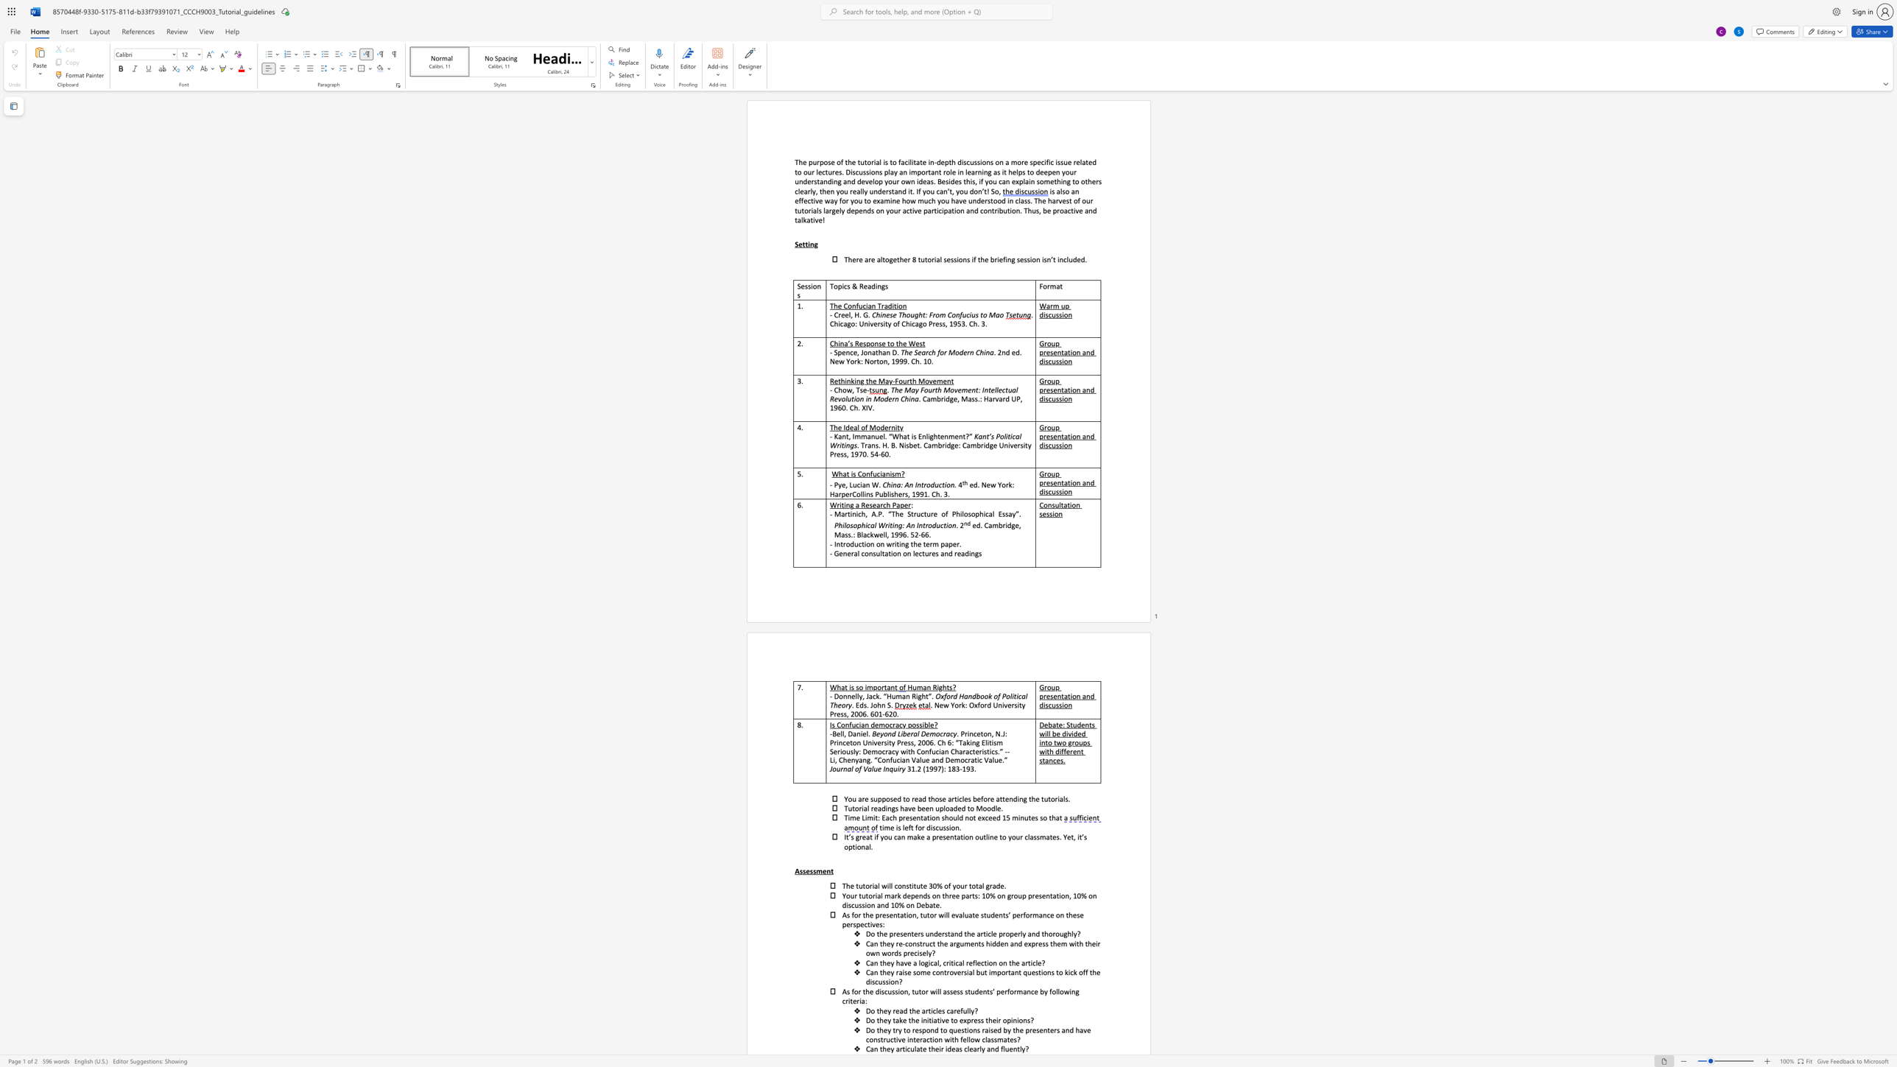  Describe the element at coordinates (874, 1048) in the screenshot. I see `the subset text "n they articulate their ideas clea" within the text "Can they articulate their ideas clearly and fluently?"` at that location.